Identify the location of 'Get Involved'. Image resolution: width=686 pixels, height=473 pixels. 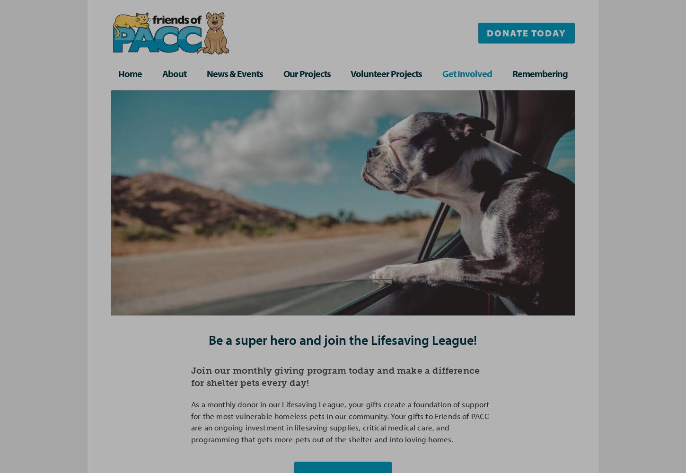
(441, 73).